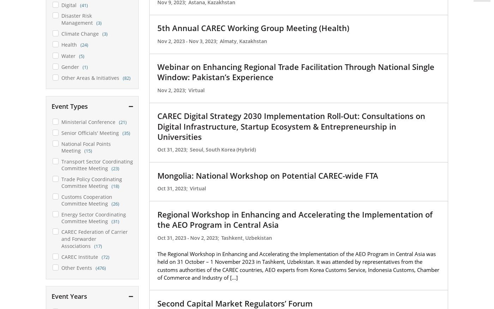  What do you see at coordinates (97, 165) in the screenshot?
I see `'Transport Sector Coordinating Committee Meeting'` at bounding box center [97, 165].